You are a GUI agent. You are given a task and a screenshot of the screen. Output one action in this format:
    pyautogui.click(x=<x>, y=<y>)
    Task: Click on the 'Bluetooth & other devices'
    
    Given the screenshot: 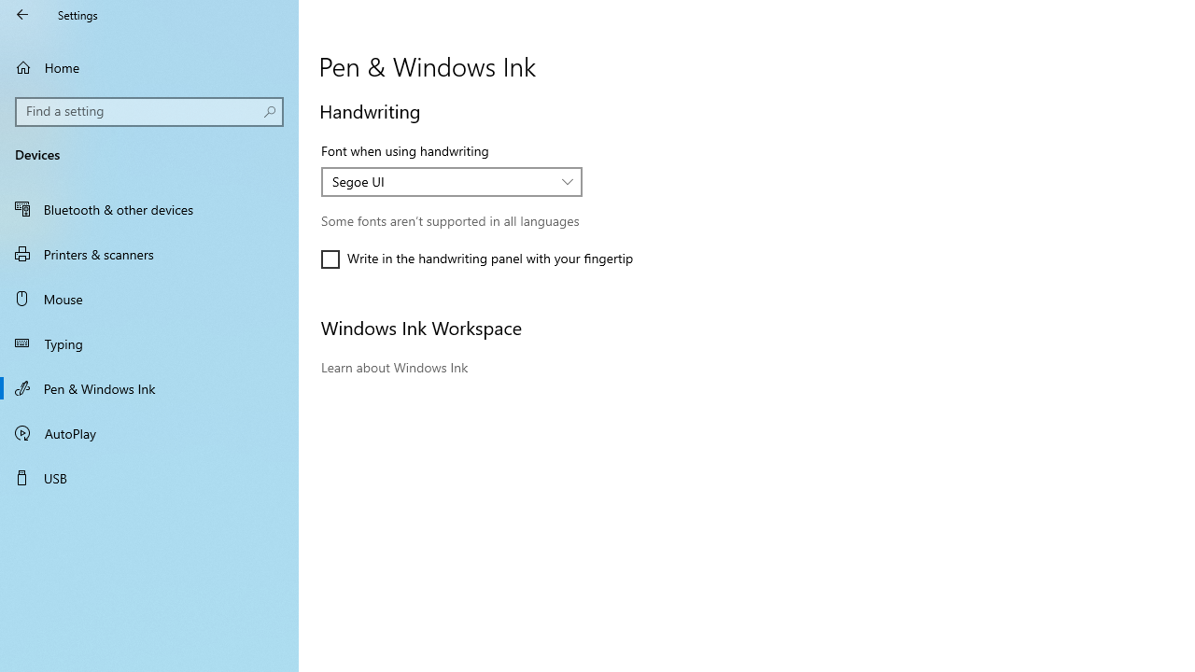 What is the action you would take?
    pyautogui.click(x=149, y=208)
    